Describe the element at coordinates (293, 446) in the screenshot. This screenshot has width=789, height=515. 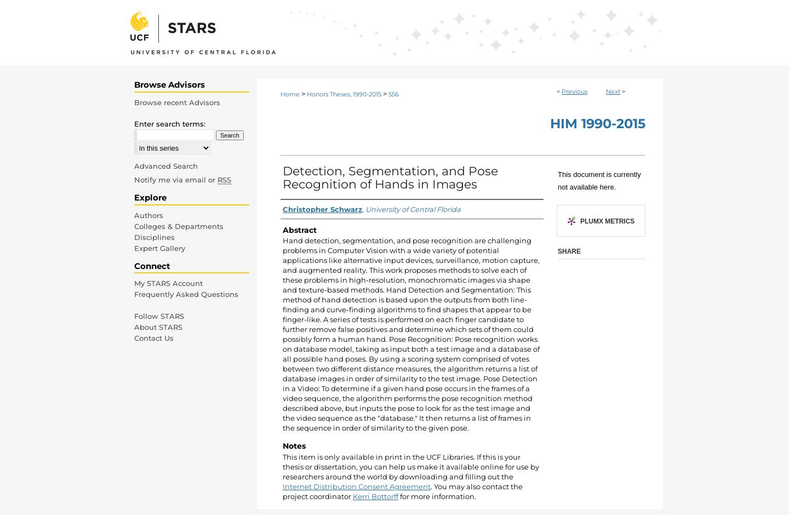
I see `'Notes'` at that location.